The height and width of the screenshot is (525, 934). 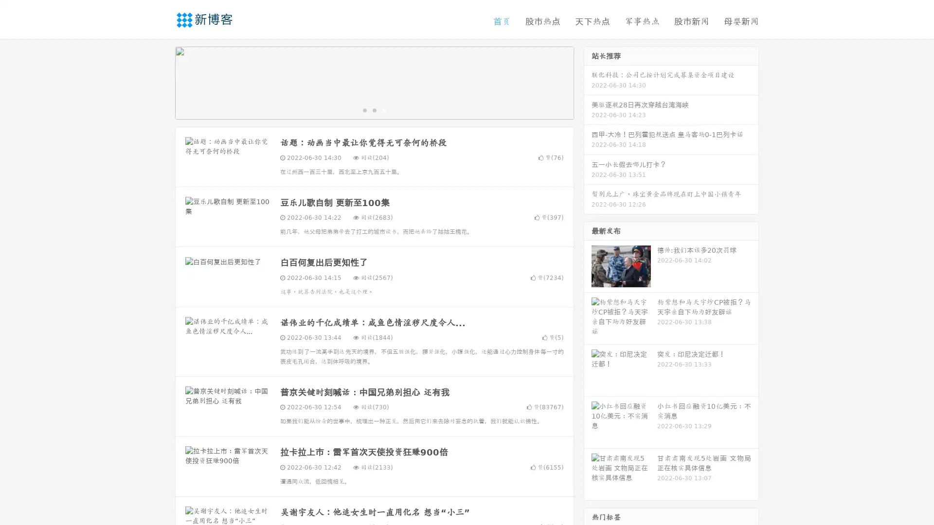 What do you see at coordinates (364, 109) in the screenshot?
I see `Go to slide 1` at bounding box center [364, 109].